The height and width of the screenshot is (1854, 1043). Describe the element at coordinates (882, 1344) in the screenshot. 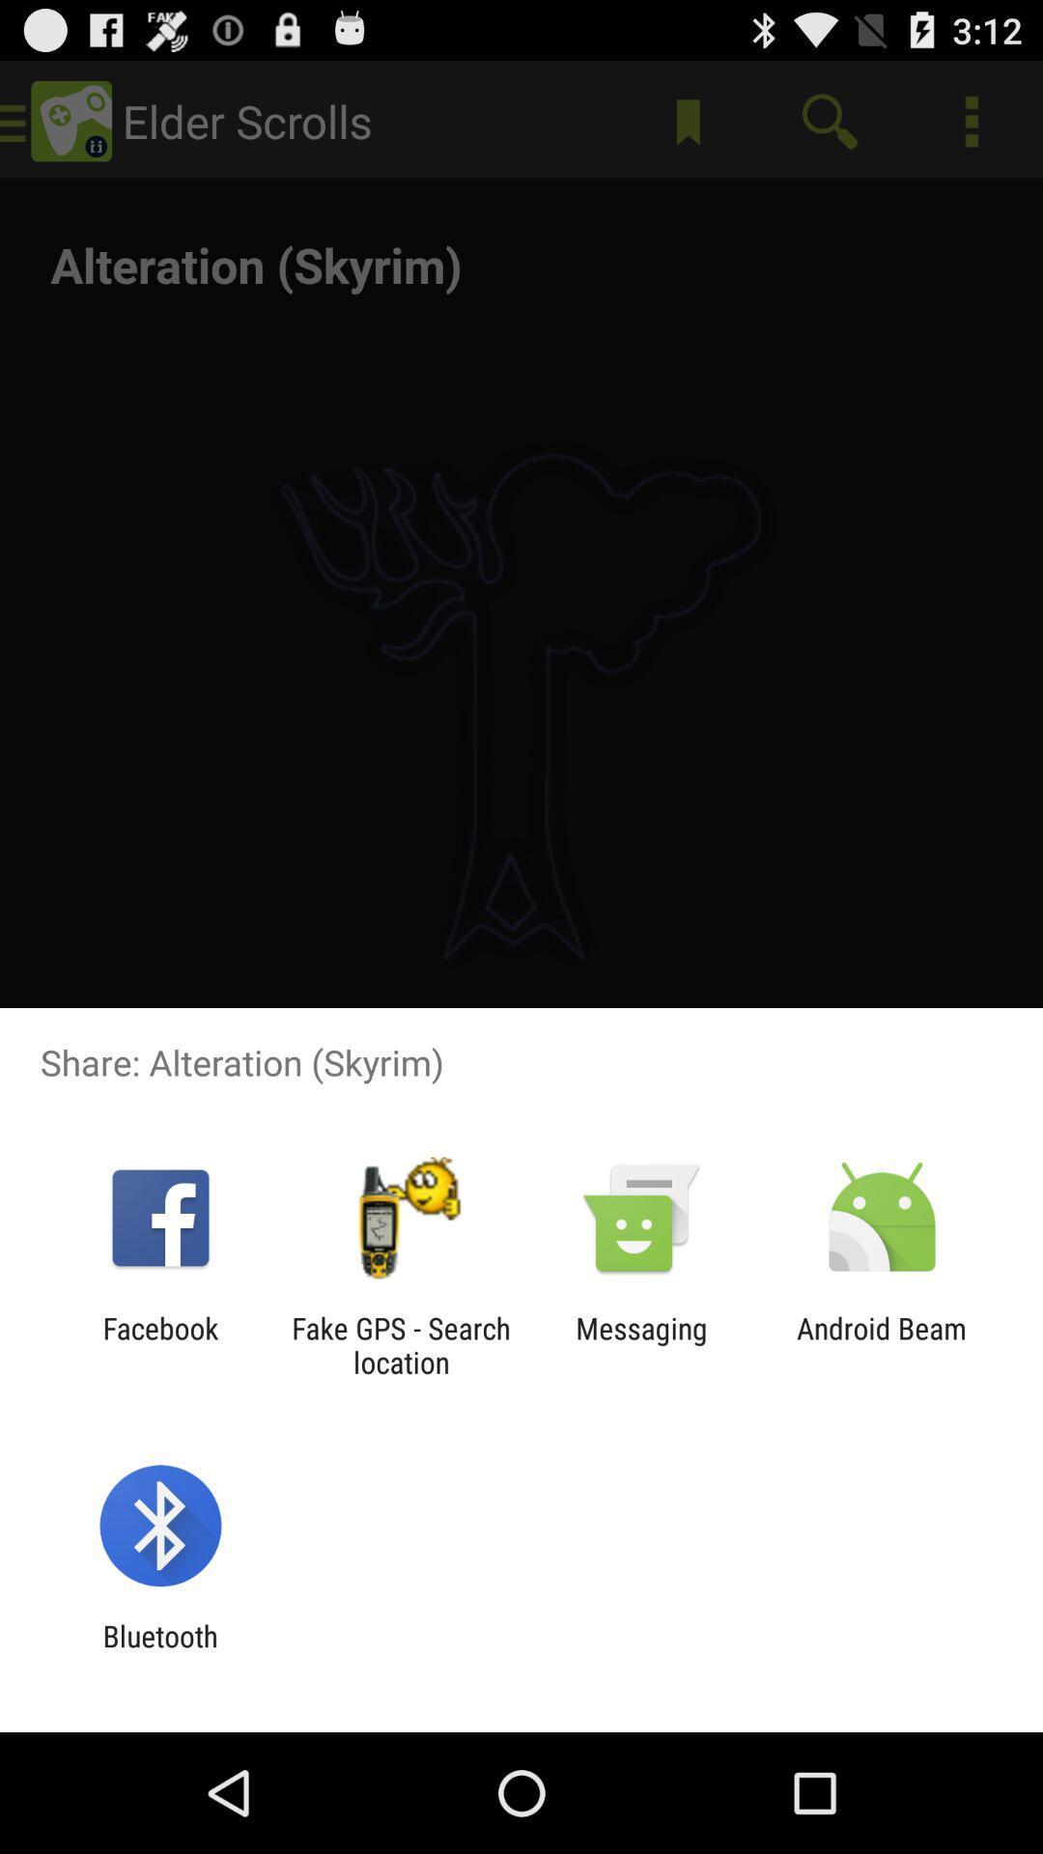

I see `android beam icon` at that location.